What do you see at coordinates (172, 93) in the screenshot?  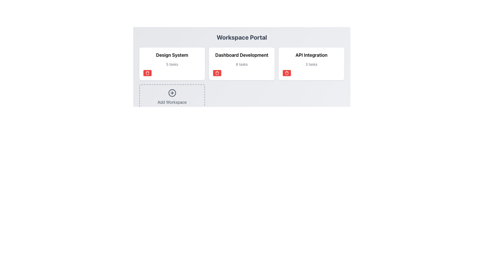 I see `the SVG element representing a plus sign enclosed in a circle, which is part of the 'Add Workspace' button located towards the bottom-left of the interface` at bounding box center [172, 93].